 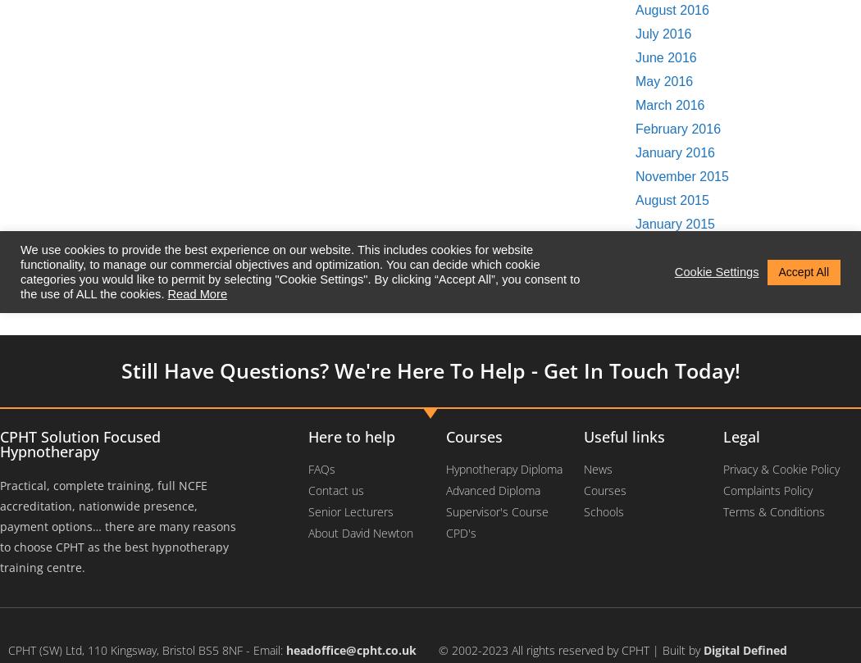 What do you see at coordinates (321, 468) in the screenshot?
I see `'FAQs'` at bounding box center [321, 468].